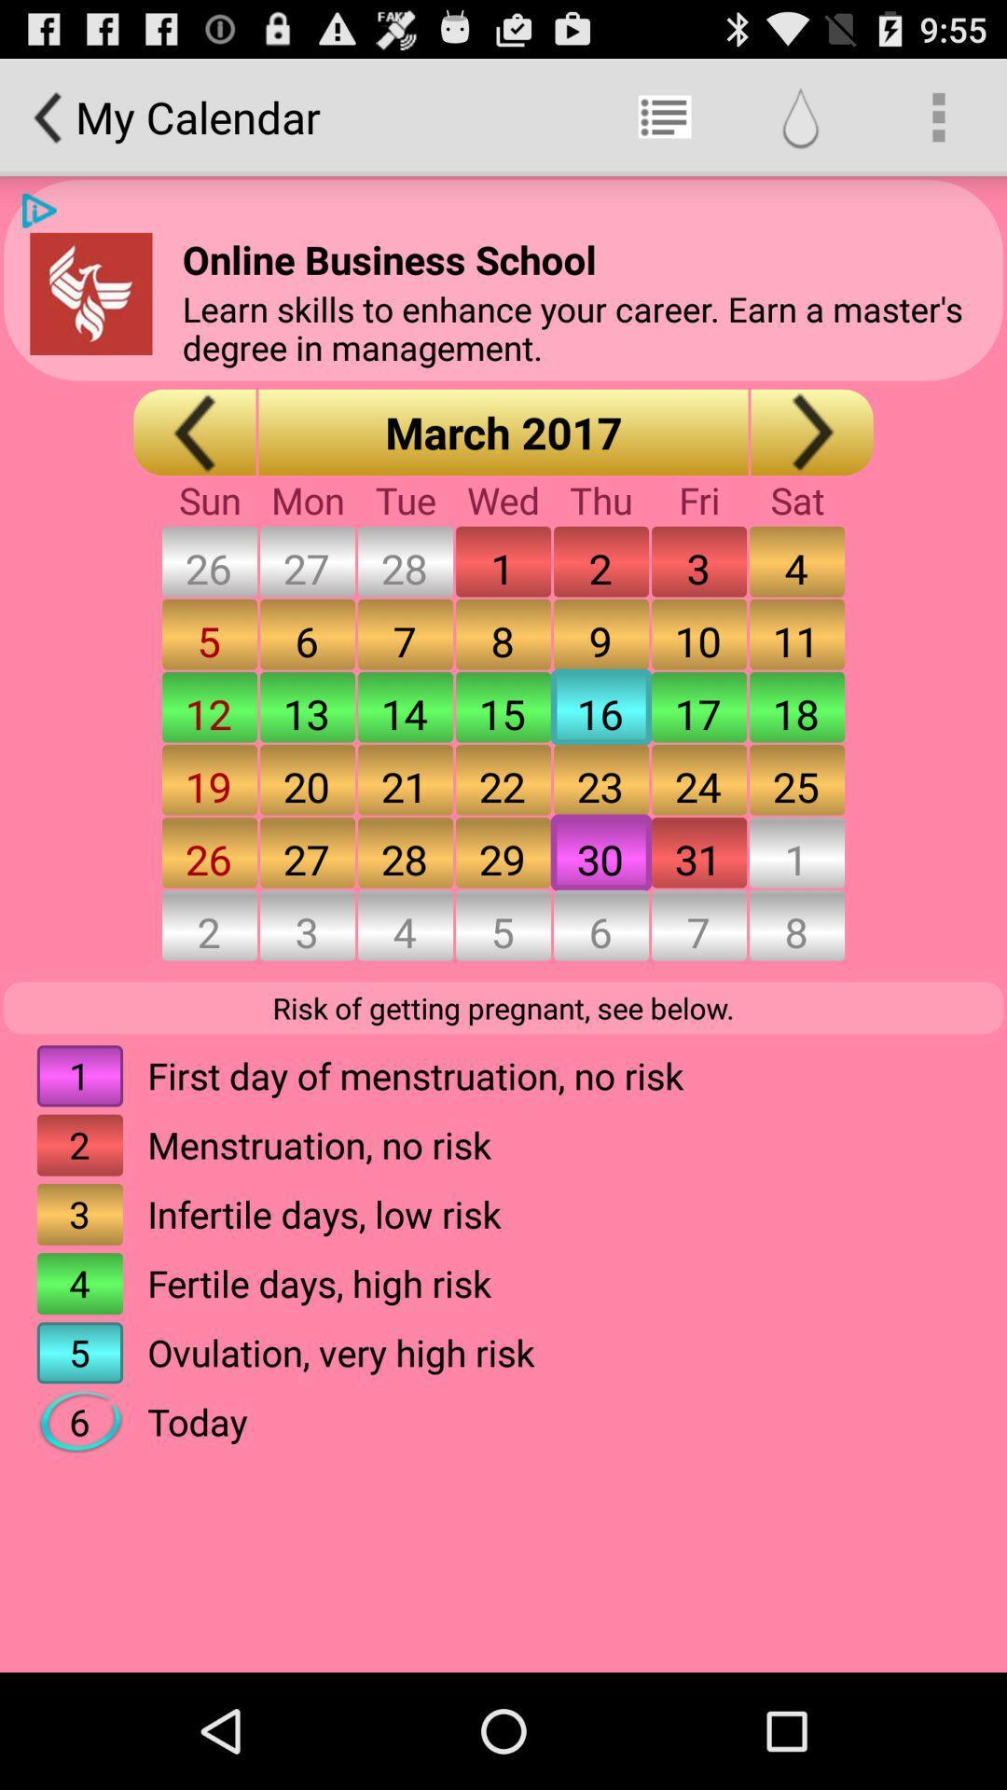 This screenshot has width=1007, height=1790. Describe the element at coordinates (194, 431) in the screenshot. I see `go back` at that location.